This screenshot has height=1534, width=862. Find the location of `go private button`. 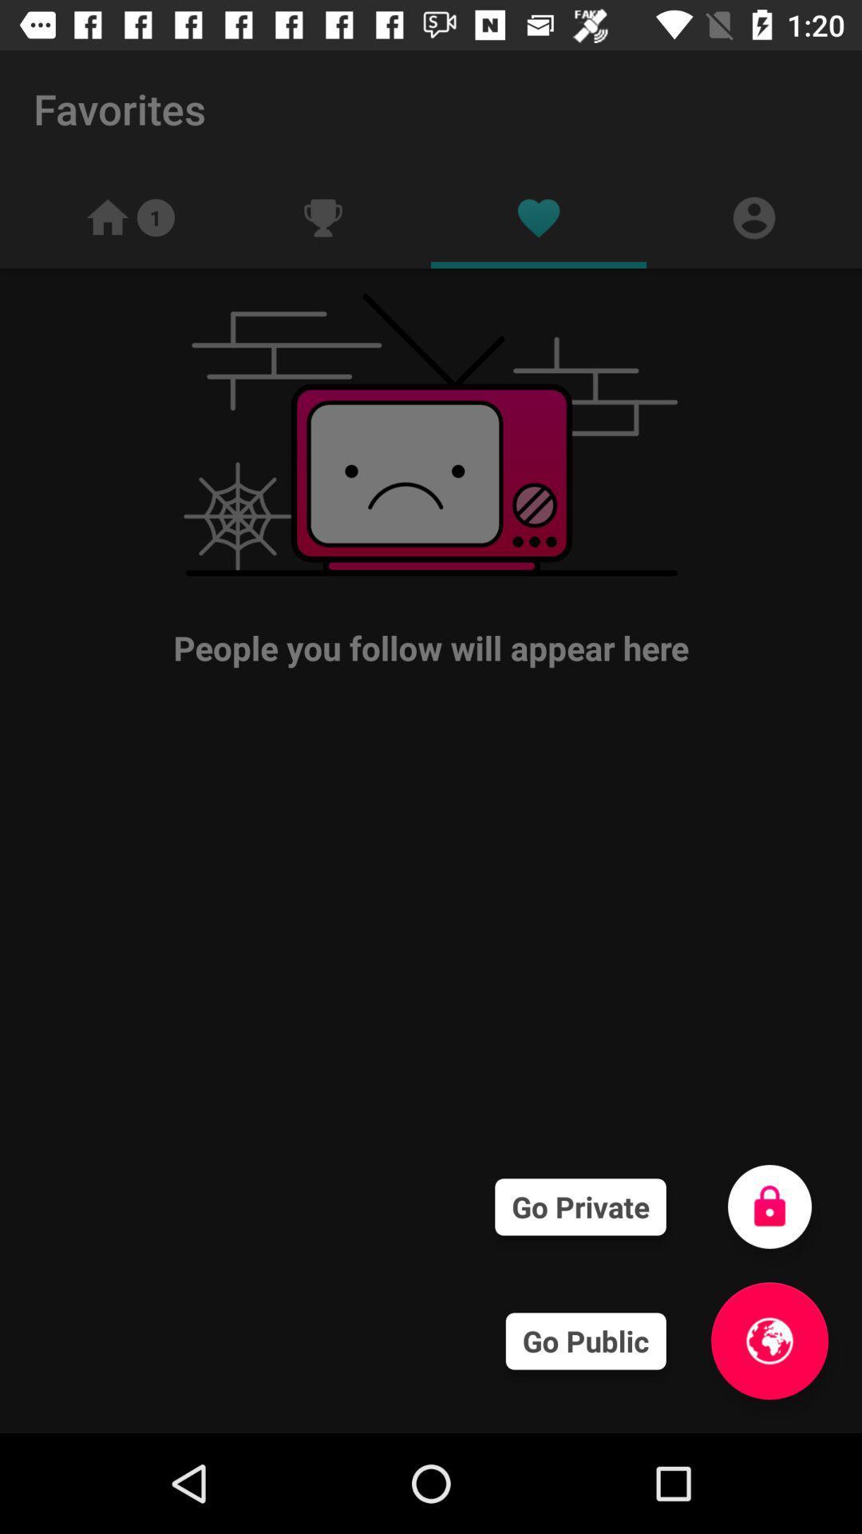

go private button is located at coordinates (769, 1206).